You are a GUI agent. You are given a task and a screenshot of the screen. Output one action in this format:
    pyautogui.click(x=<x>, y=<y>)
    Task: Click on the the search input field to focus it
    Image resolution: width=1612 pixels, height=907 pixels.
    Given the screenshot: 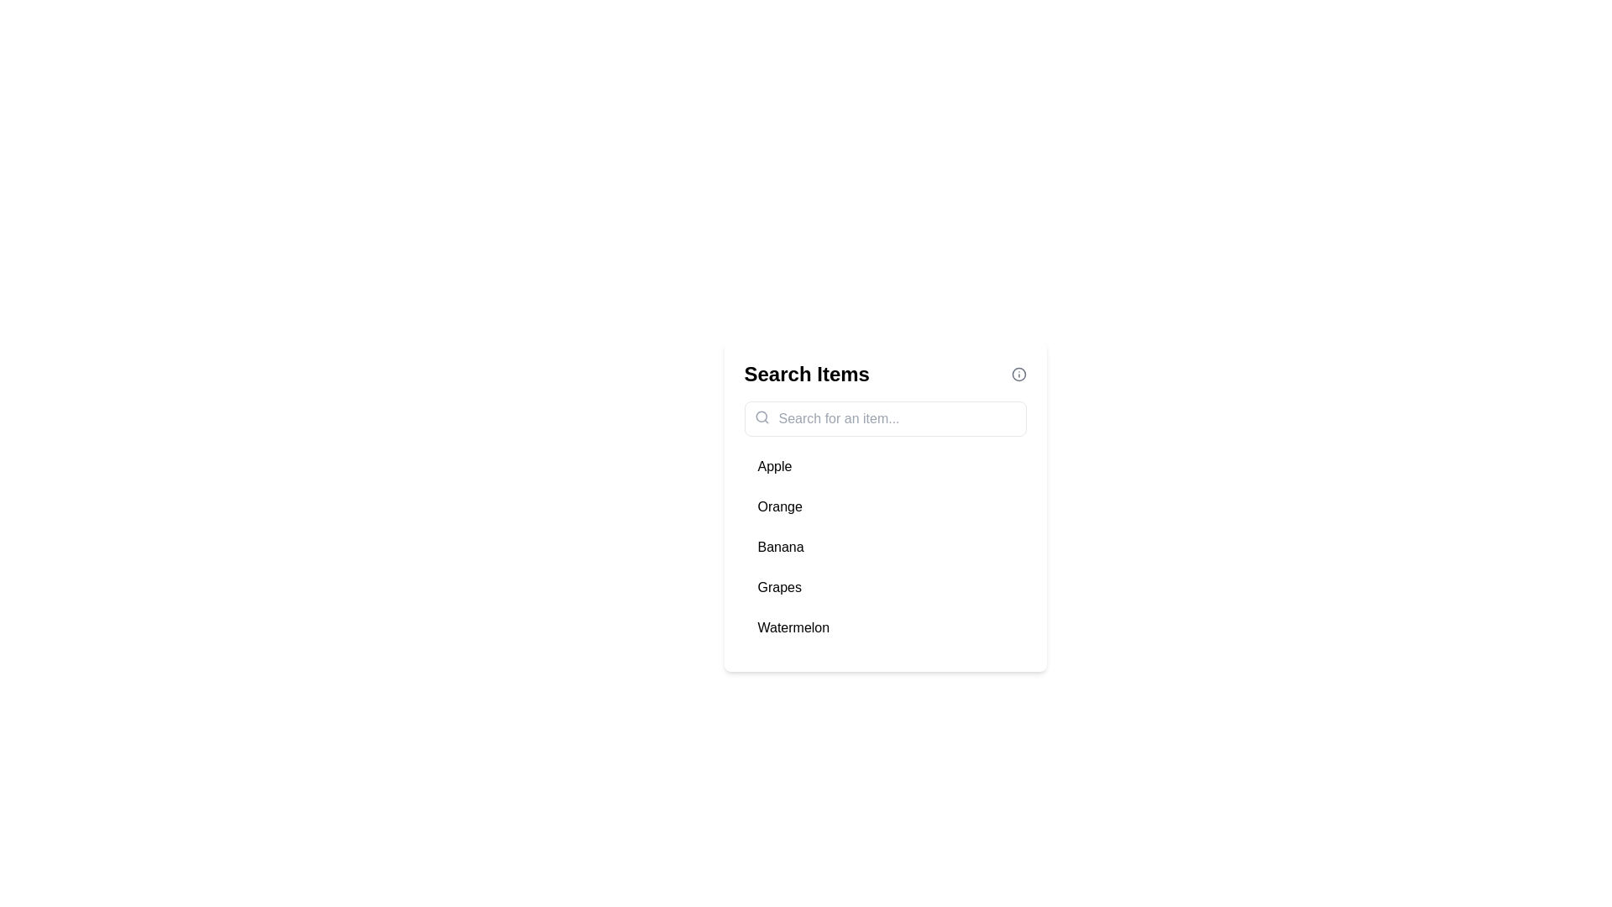 What is the action you would take?
    pyautogui.click(x=884, y=417)
    